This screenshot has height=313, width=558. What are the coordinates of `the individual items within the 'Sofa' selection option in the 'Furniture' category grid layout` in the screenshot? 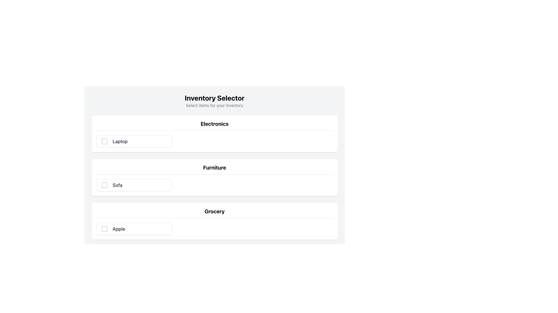 It's located at (214, 185).